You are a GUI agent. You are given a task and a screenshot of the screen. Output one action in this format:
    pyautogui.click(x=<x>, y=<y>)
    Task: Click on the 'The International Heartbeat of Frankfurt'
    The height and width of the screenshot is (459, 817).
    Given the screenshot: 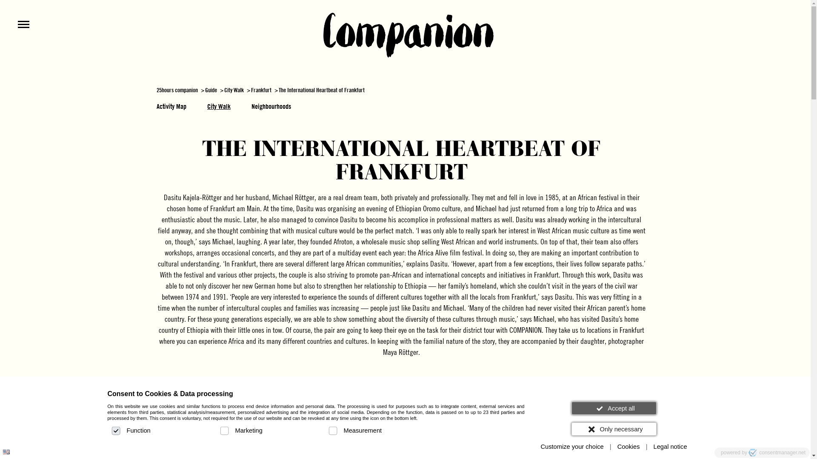 What is the action you would take?
    pyautogui.click(x=321, y=90)
    